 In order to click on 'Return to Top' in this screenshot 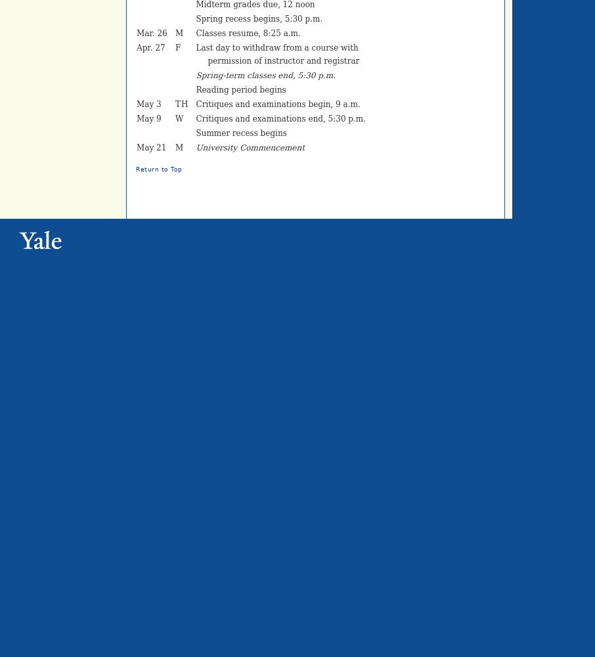, I will do `click(158, 170)`.